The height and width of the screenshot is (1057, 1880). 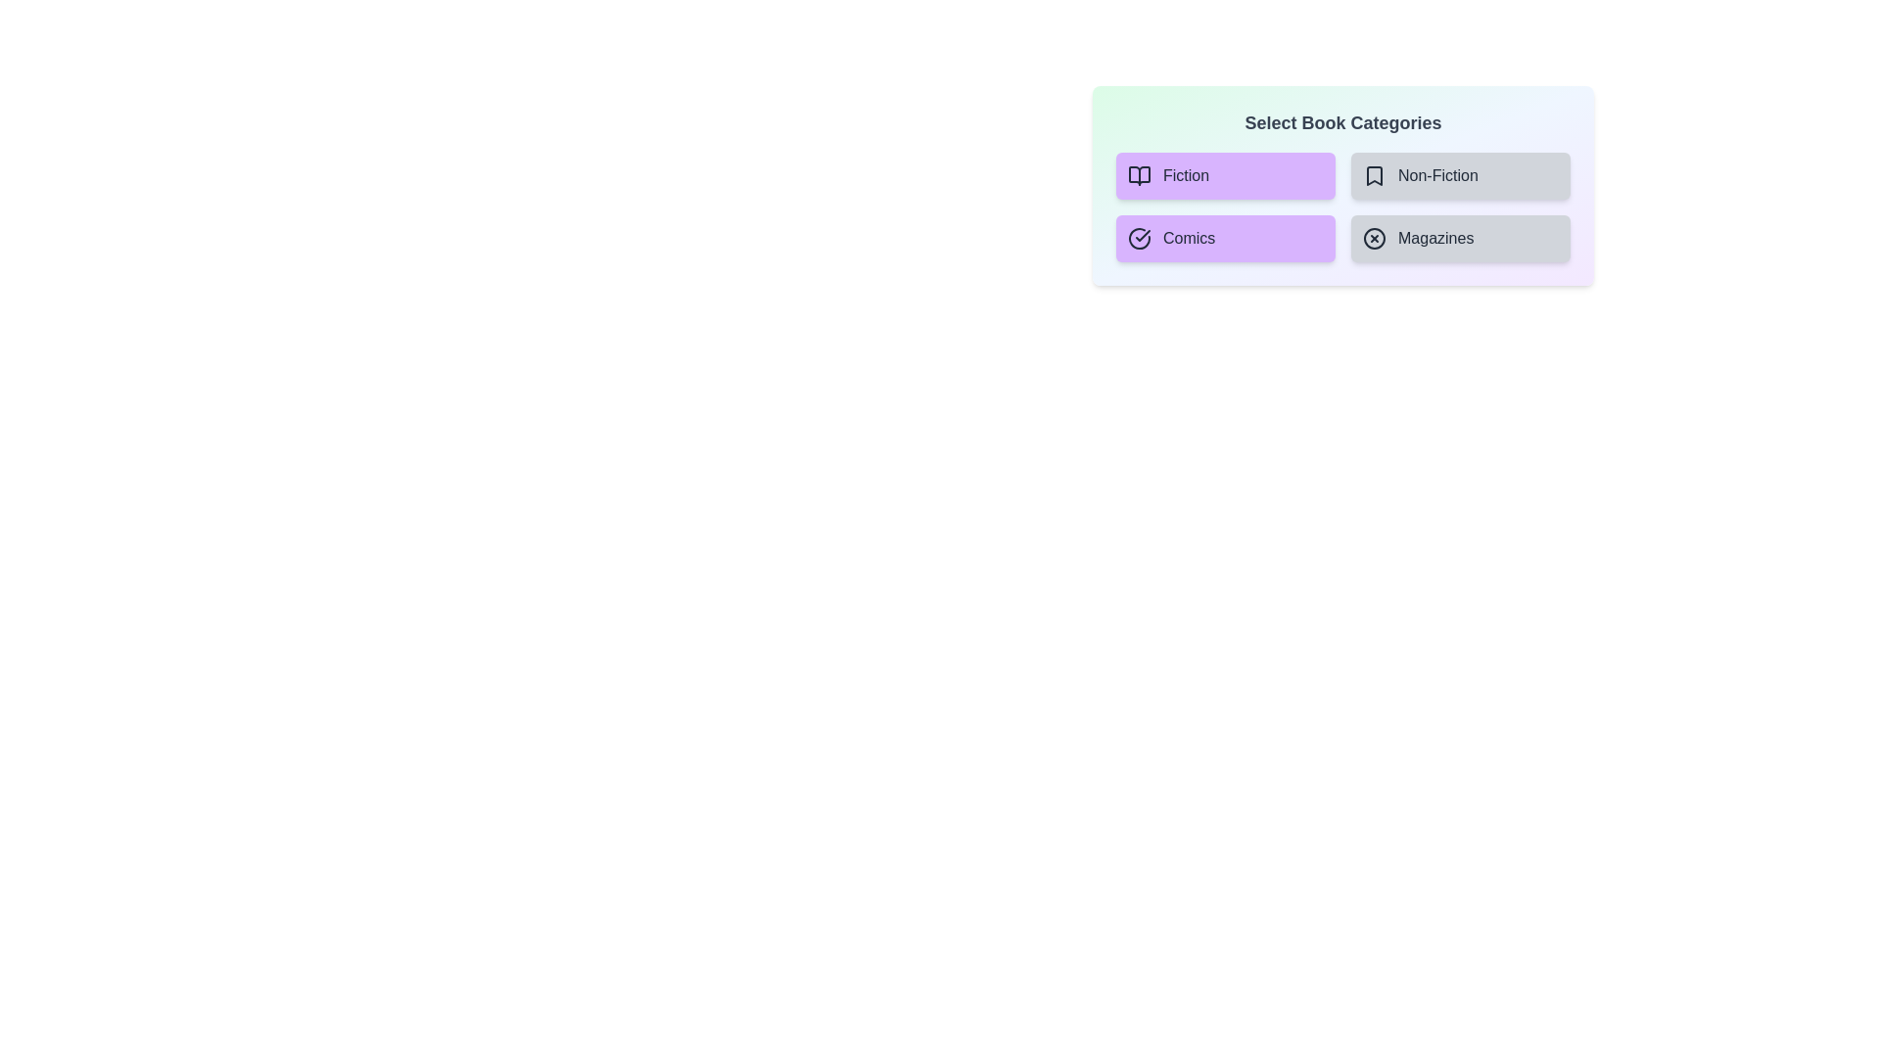 I want to click on the category Non-Fiction to see its hover effect, so click(x=1461, y=176).